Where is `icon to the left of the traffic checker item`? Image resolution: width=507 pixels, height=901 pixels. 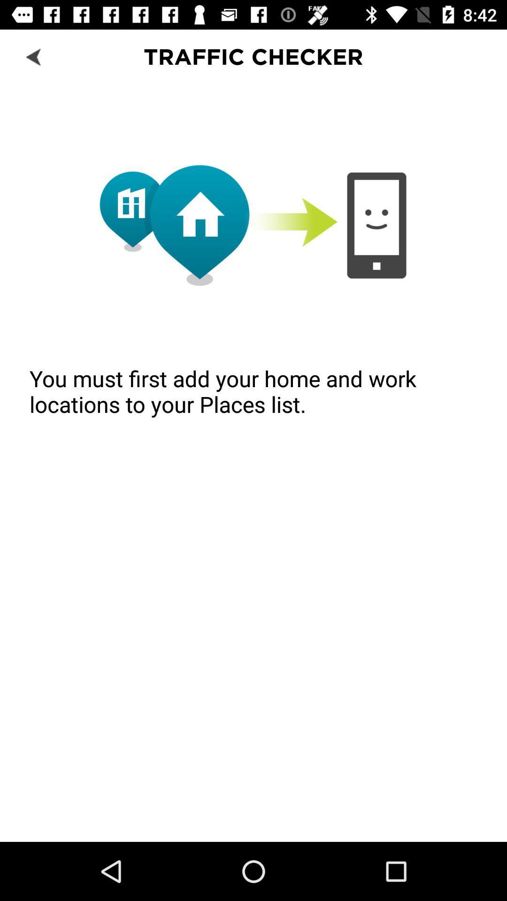 icon to the left of the traffic checker item is located at coordinates (34, 56).